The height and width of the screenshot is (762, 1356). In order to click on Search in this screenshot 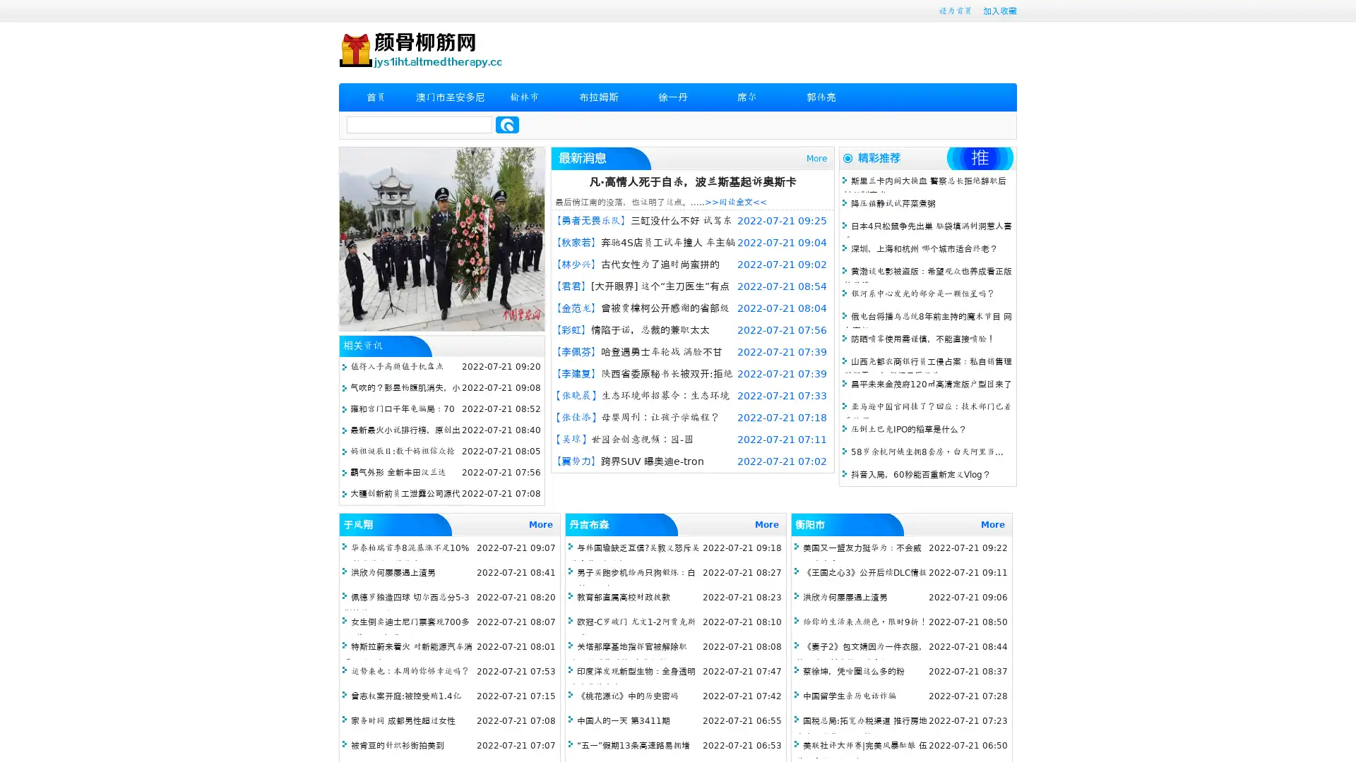, I will do `click(507, 124)`.